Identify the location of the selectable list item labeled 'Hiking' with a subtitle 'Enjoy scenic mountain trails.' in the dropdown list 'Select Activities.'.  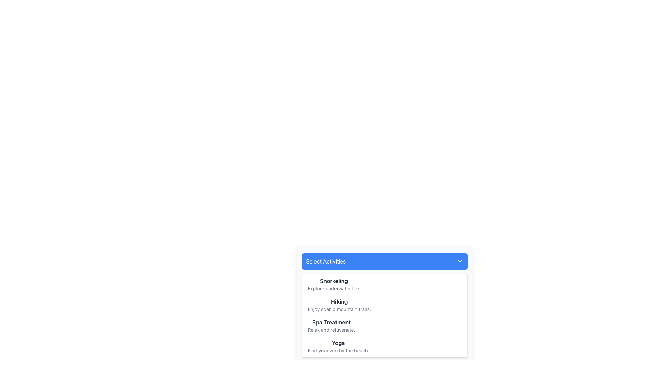
(384, 305).